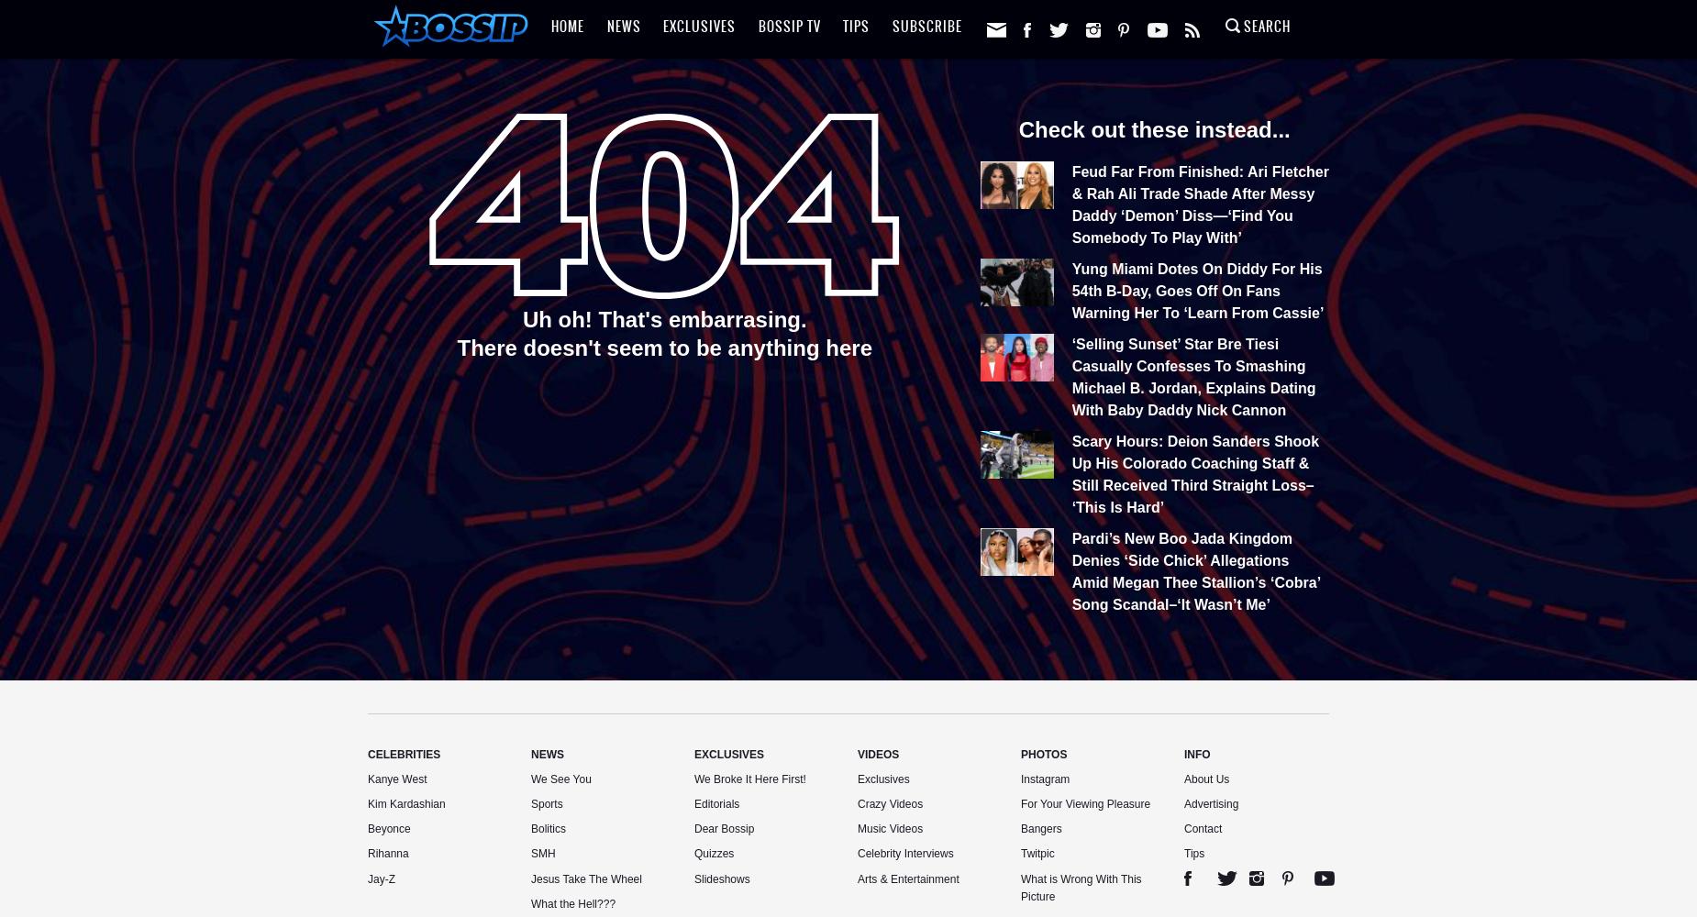  What do you see at coordinates (664, 348) in the screenshot?
I see `'There doesn't seem to be anything here'` at bounding box center [664, 348].